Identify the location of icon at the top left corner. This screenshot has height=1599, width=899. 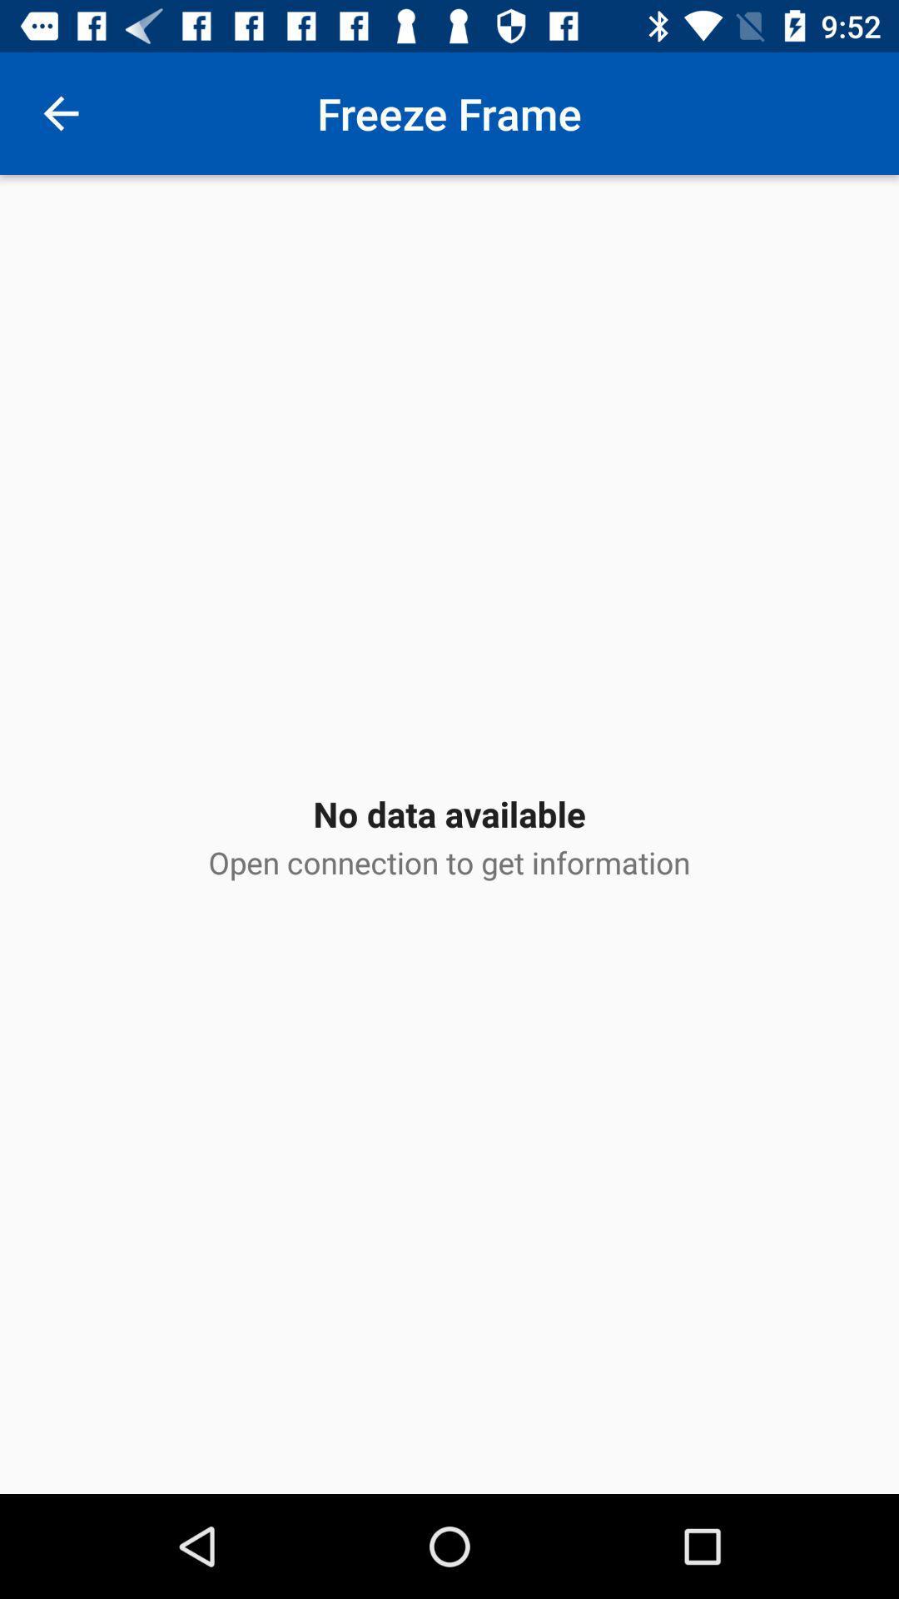
(60, 112).